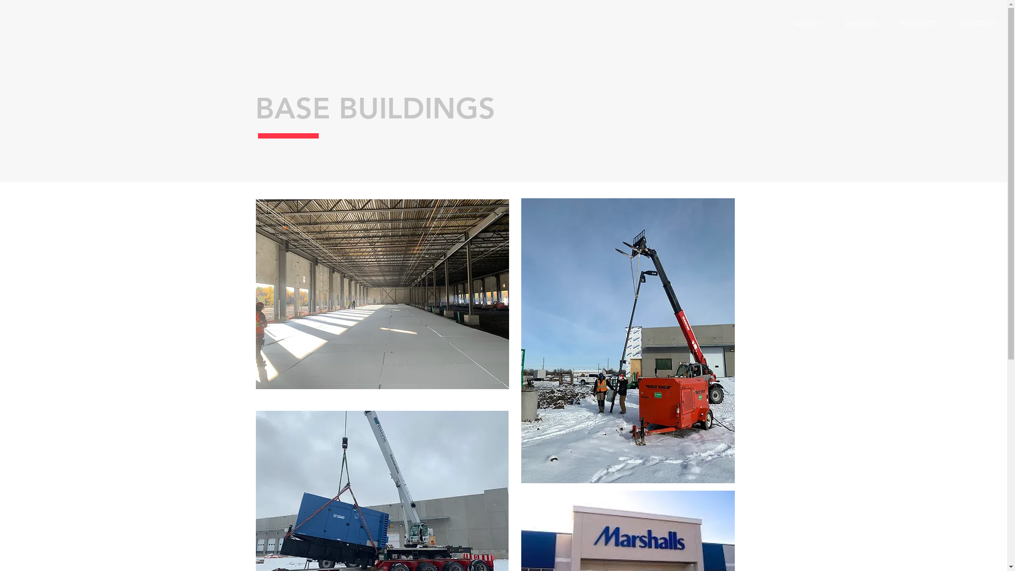  What do you see at coordinates (807, 24) in the screenshot?
I see `'ABOUT'` at bounding box center [807, 24].